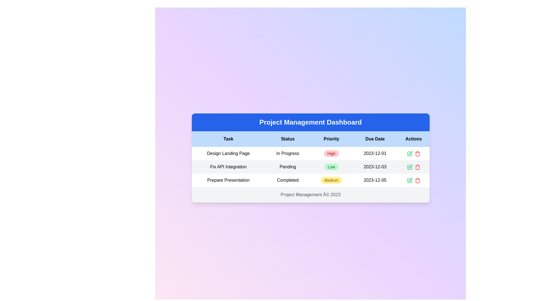 The width and height of the screenshot is (536, 301). What do you see at coordinates (417, 167) in the screenshot?
I see `the delete button (trash can icon) in the Actions column of the second row of the table` at bounding box center [417, 167].